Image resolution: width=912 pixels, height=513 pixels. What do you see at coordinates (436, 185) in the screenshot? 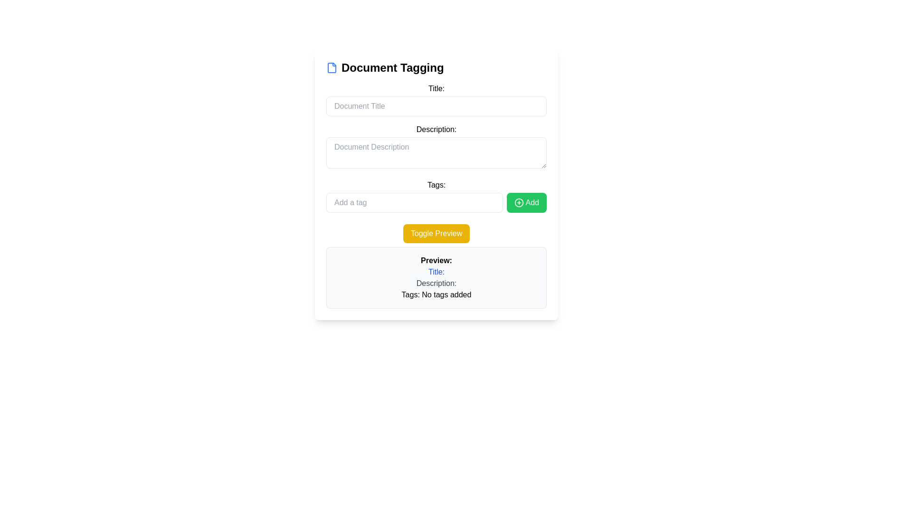
I see `the text label 'Tags:' which is styled in bold and medium font weight, located directly above the input field labeled 'Add a tag' in the form interface under the 'Description' field` at bounding box center [436, 185].